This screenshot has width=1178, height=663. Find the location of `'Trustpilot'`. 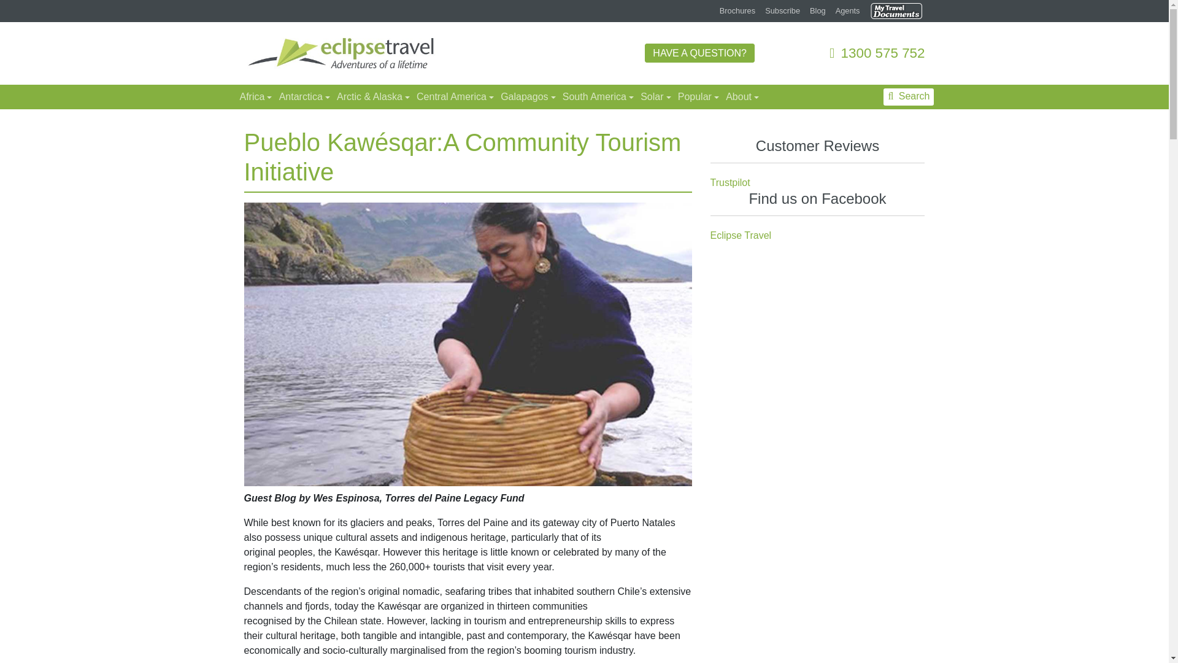

'Trustpilot' is located at coordinates (730, 182).